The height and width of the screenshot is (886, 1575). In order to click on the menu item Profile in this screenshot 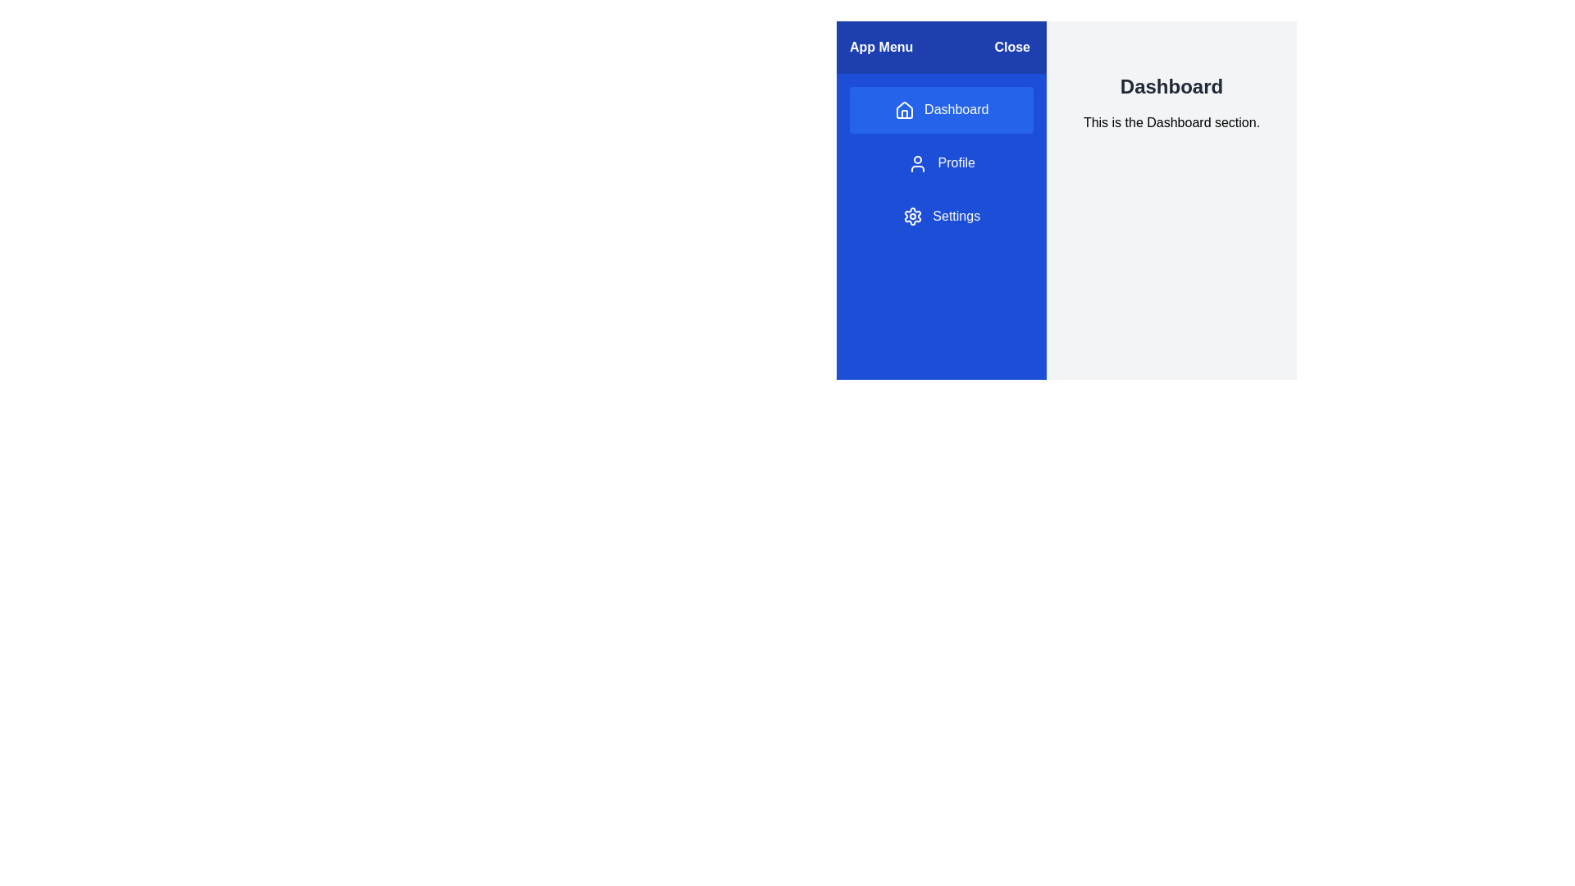, I will do `click(941, 163)`.